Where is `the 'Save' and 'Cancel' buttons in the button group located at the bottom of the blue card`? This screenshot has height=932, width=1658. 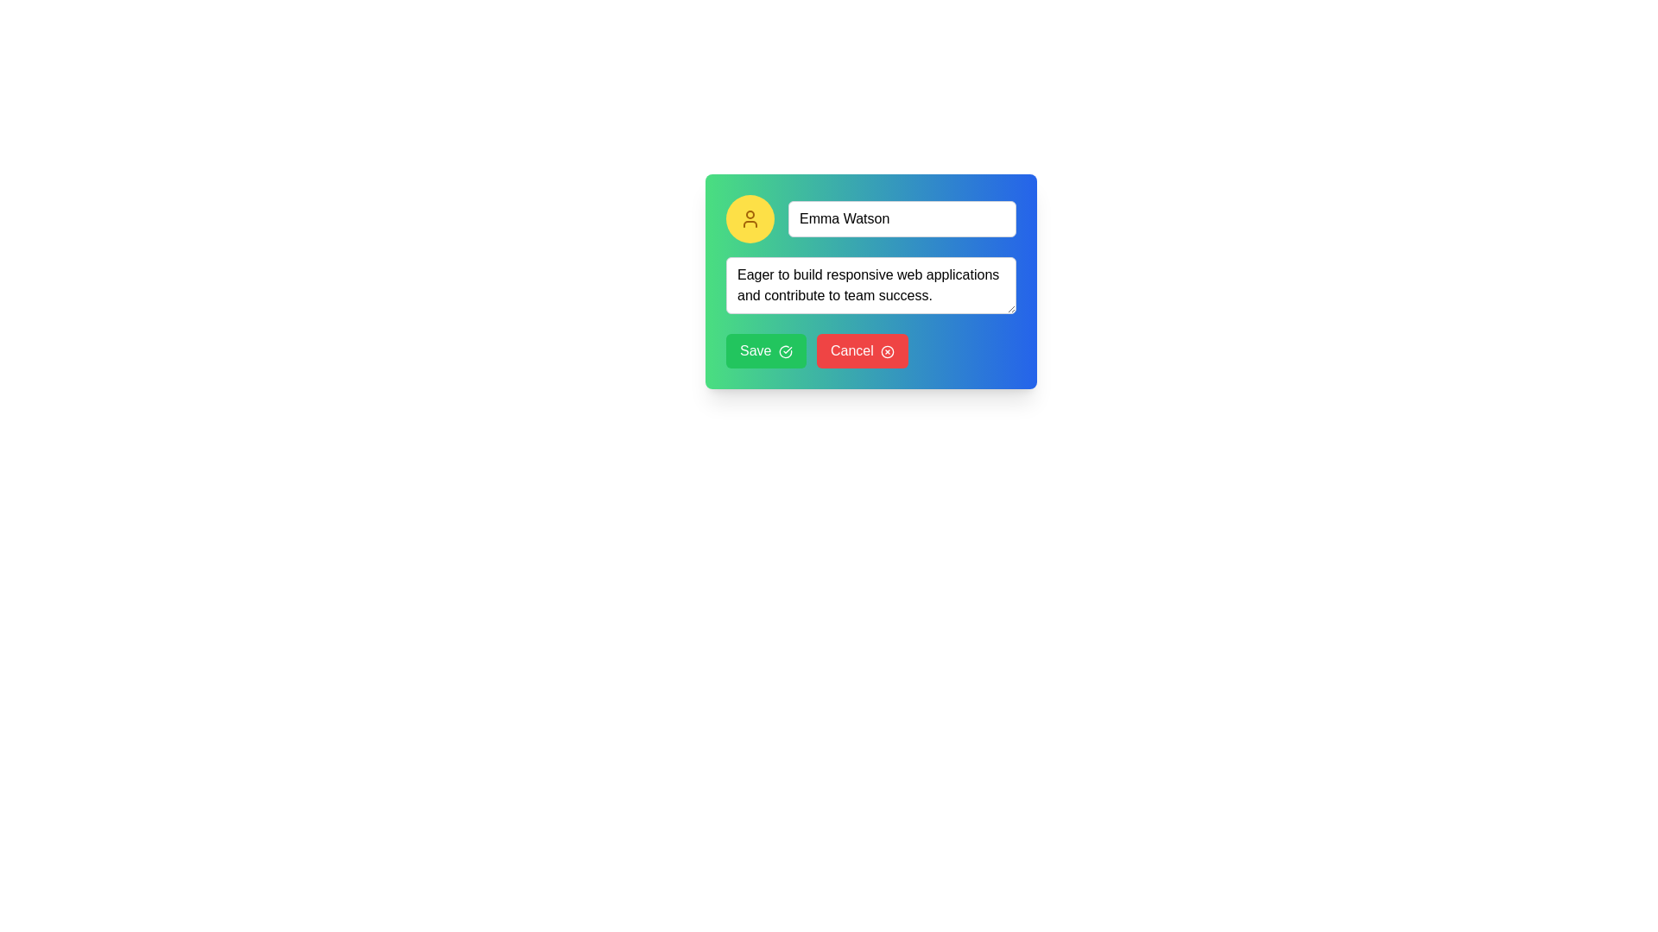 the 'Save' and 'Cancel' buttons in the button group located at the bottom of the blue card is located at coordinates (870, 350).